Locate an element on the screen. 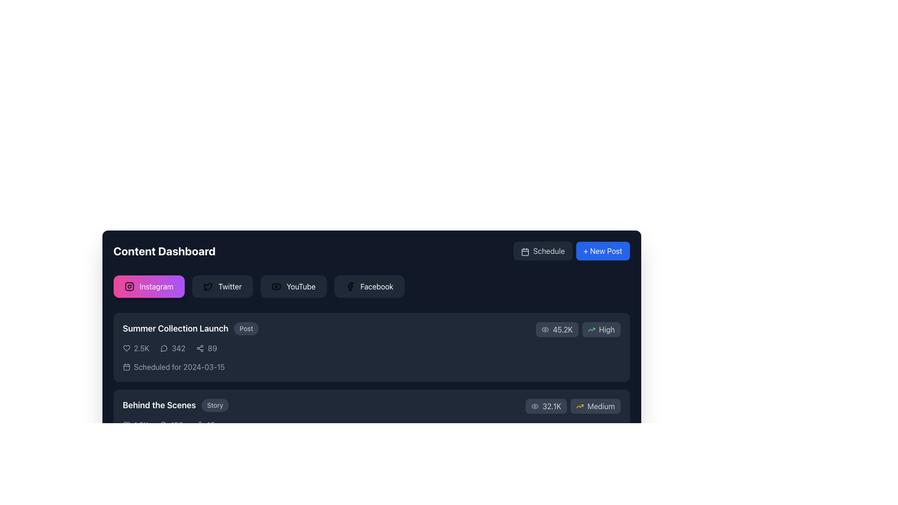  on the numerical text display '89' that is part of the 'Summer Collection Launch' panel, located is located at coordinates (212, 348).